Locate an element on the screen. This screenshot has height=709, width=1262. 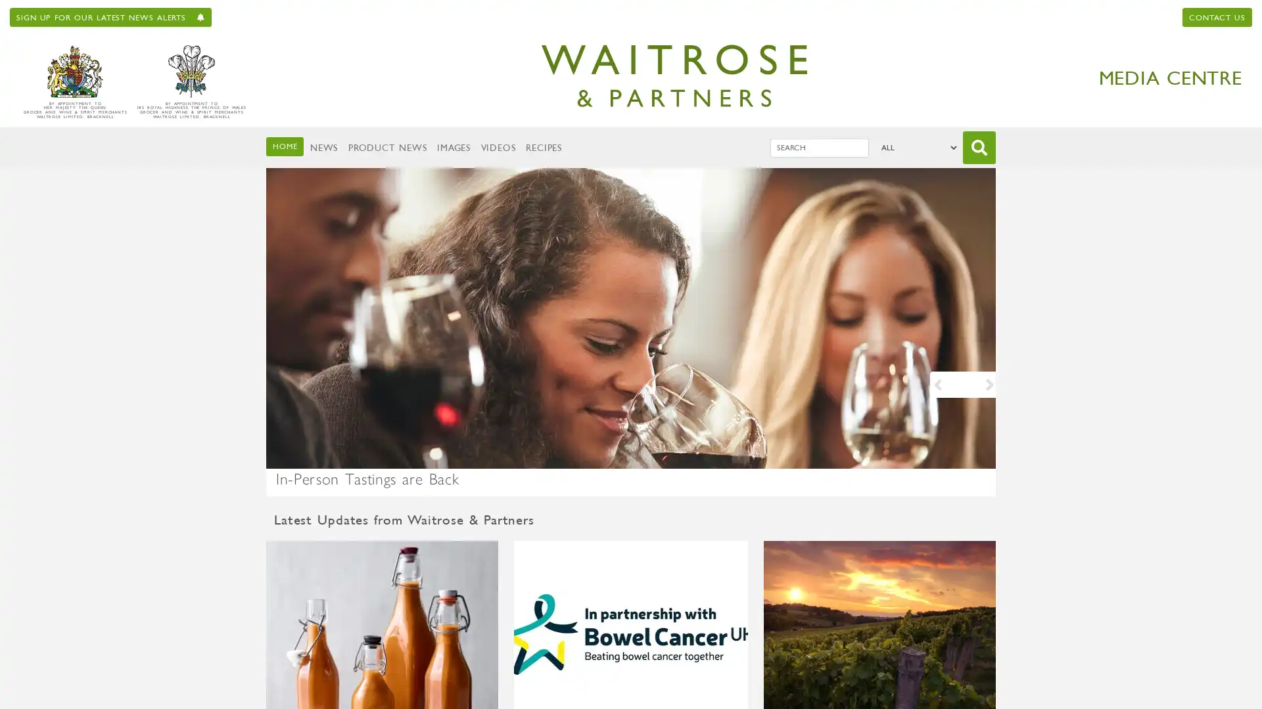
HOME (CURRENT) is located at coordinates (284, 146).